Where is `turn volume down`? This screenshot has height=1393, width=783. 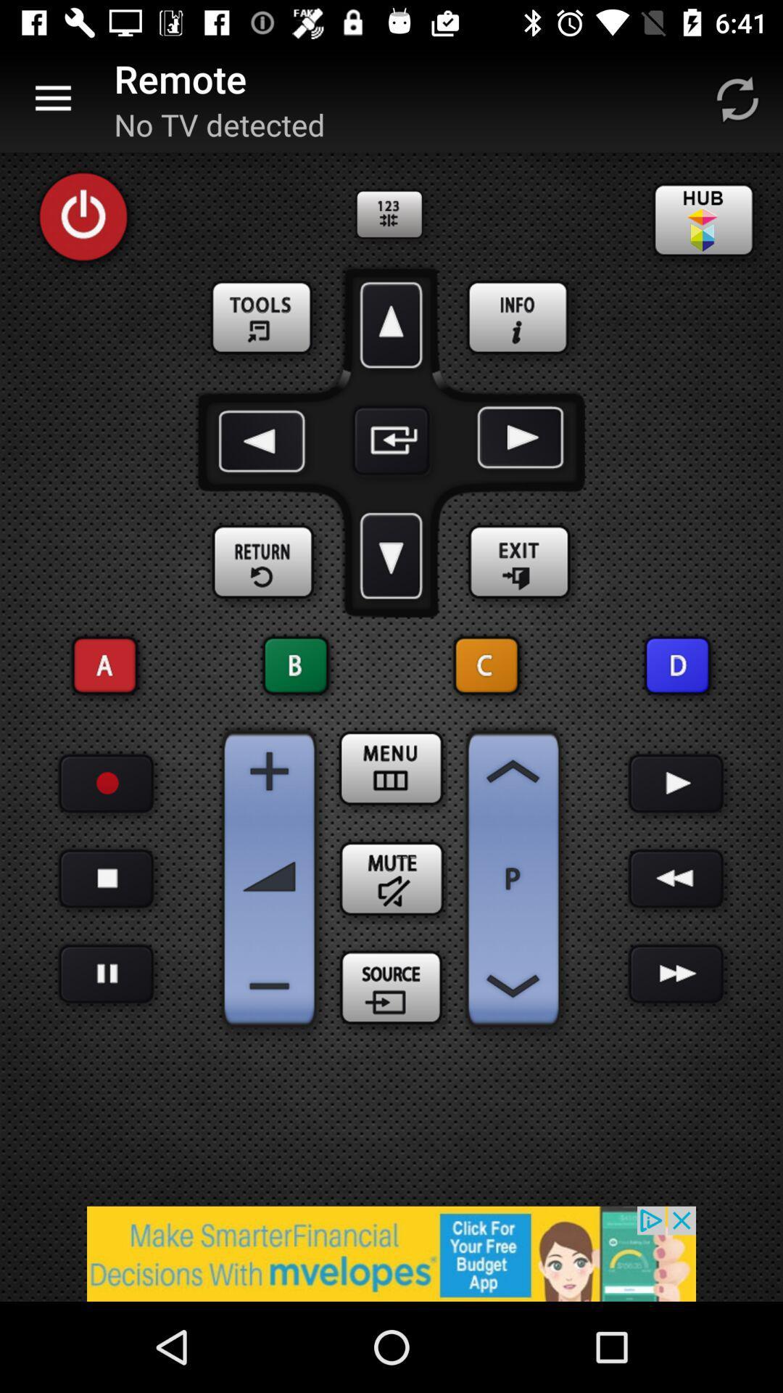 turn volume down is located at coordinates (269, 986).